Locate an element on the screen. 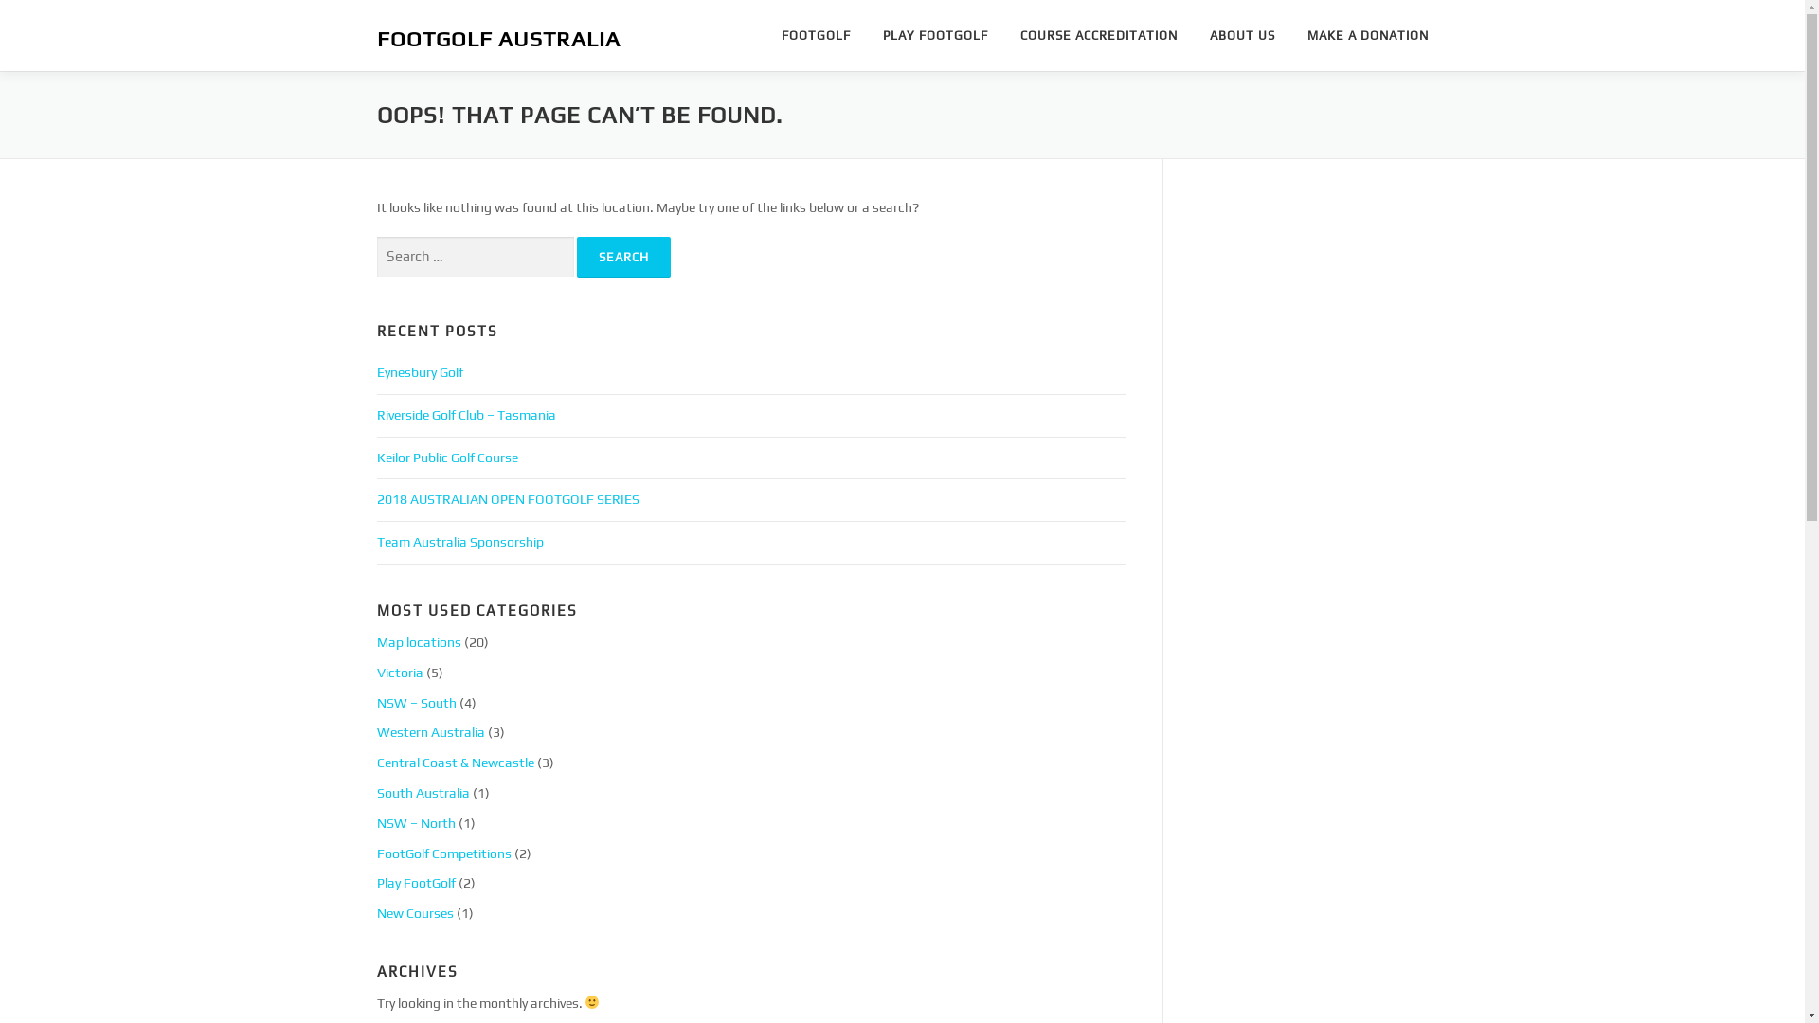 The width and height of the screenshot is (1819, 1023). 'Western Australia' is located at coordinates (430, 730).